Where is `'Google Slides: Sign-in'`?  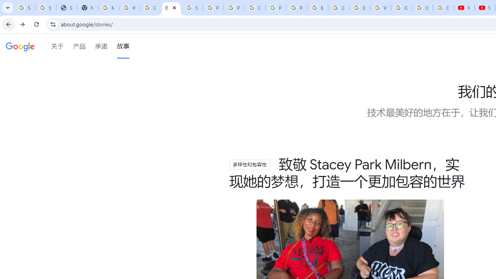
'Google Slides: Sign-in' is located at coordinates (339, 8).